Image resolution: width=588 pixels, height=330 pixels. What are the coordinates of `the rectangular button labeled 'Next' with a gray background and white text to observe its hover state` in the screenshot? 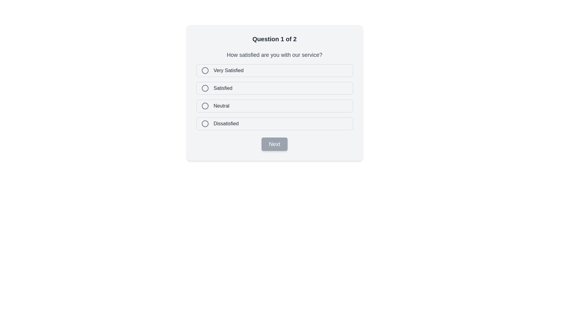 It's located at (274, 144).